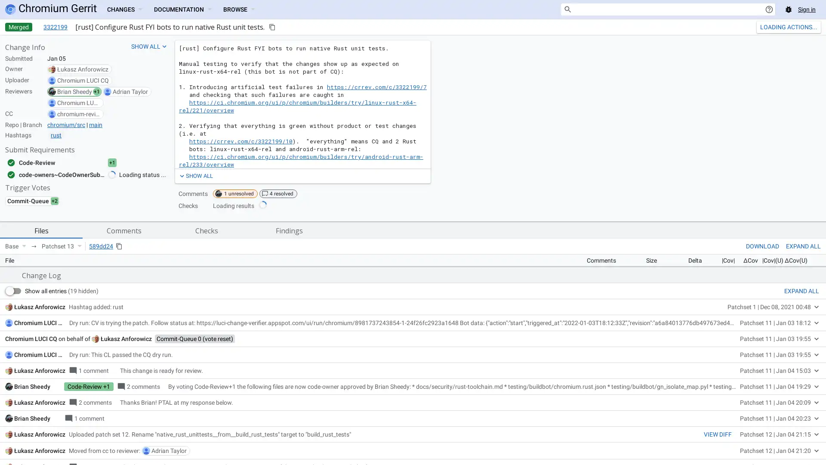 The width and height of the screenshot is (826, 465). Describe the element at coordinates (126, 457) in the screenshot. I see `ukasz Anforowicz` at that location.